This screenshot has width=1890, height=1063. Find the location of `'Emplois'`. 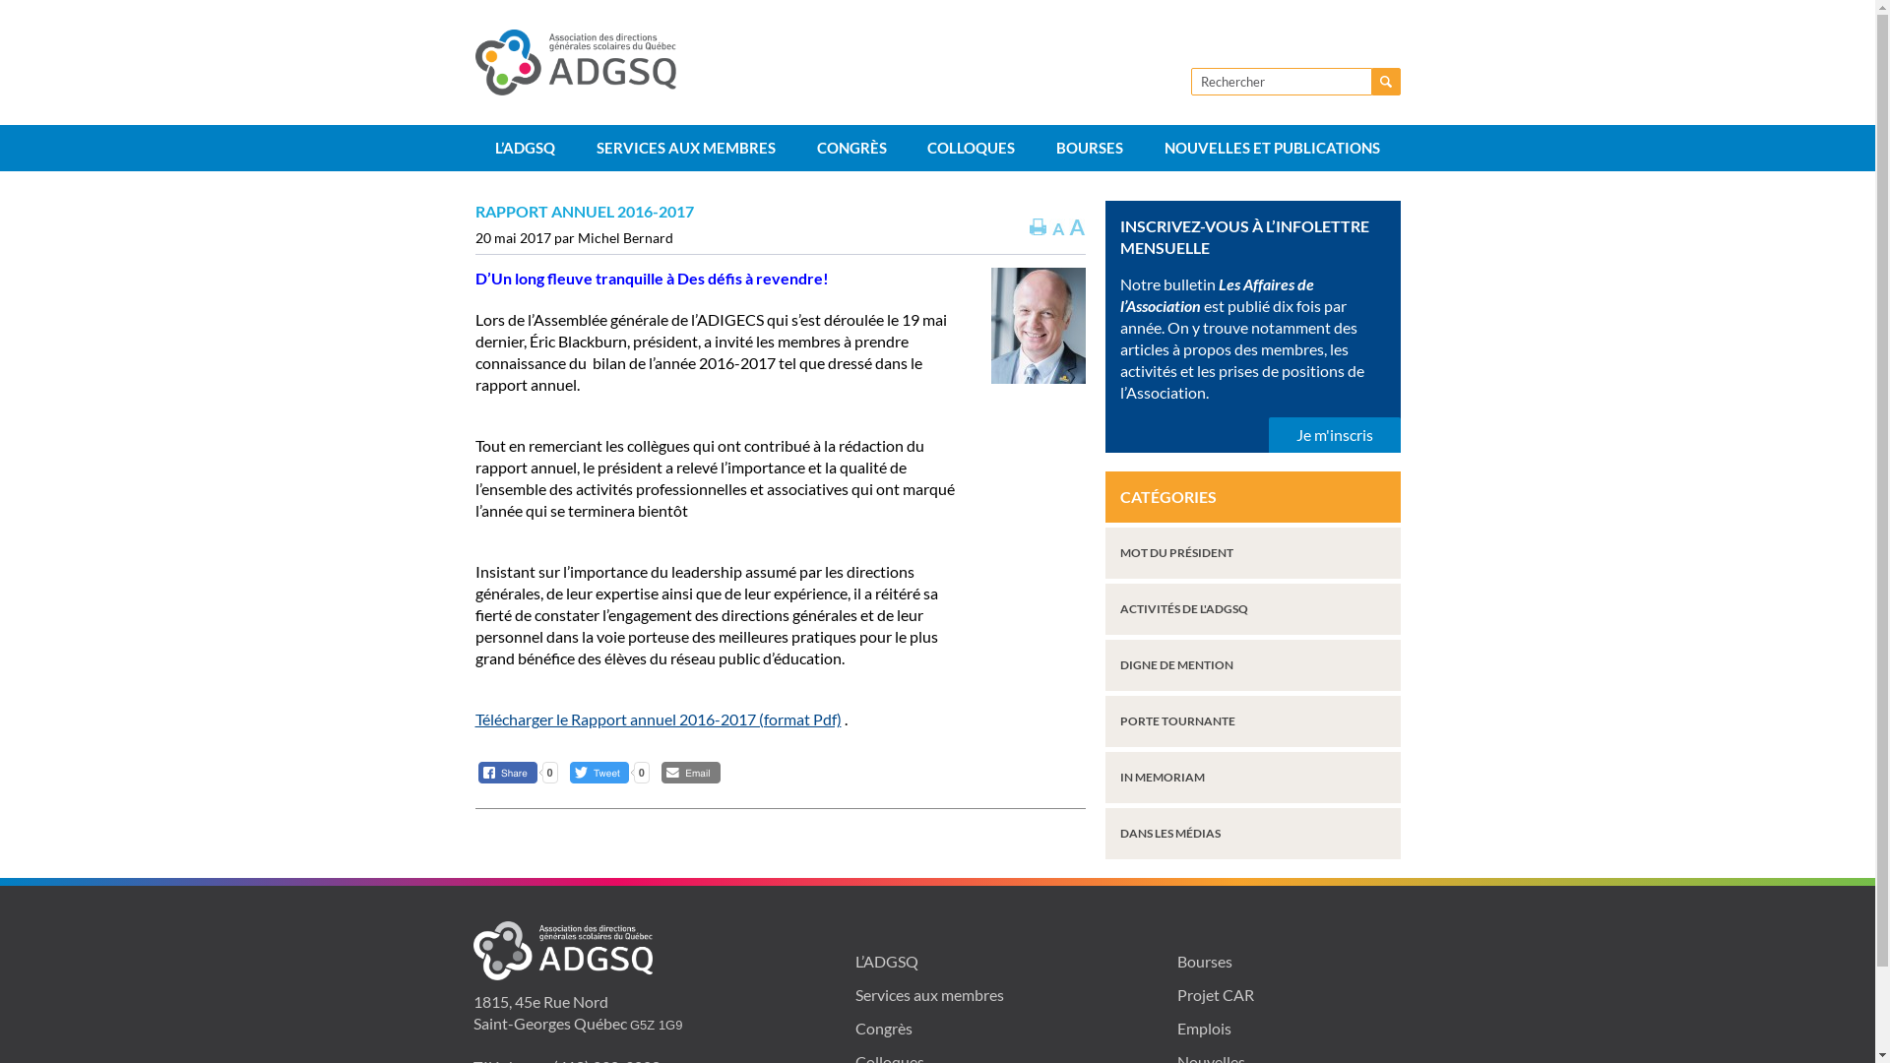

'Emplois' is located at coordinates (1176, 1027).